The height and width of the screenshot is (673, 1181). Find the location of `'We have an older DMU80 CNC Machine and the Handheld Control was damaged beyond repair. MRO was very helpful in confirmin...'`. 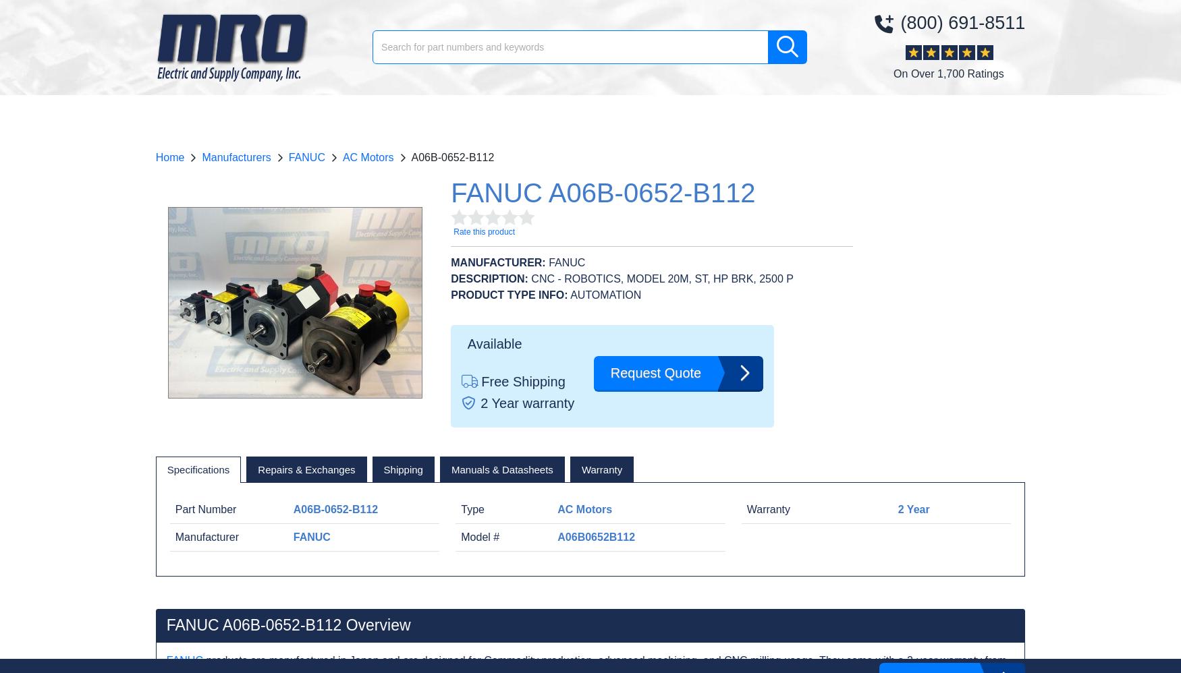

'We have an older DMU80 CNC Machine and the Handheld Control was damaged beyond repair. MRO was very helpful in confirmin...' is located at coordinates (867, 349).